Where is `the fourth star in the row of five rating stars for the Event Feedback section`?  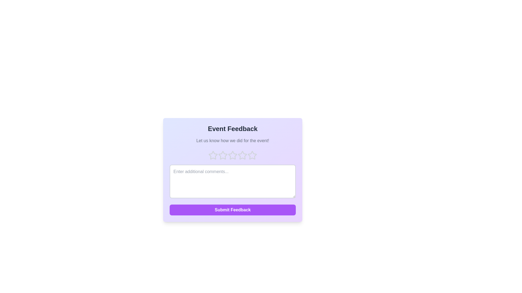
the fourth star in the row of five rating stars for the Event Feedback section is located at coordinates (242, 155).